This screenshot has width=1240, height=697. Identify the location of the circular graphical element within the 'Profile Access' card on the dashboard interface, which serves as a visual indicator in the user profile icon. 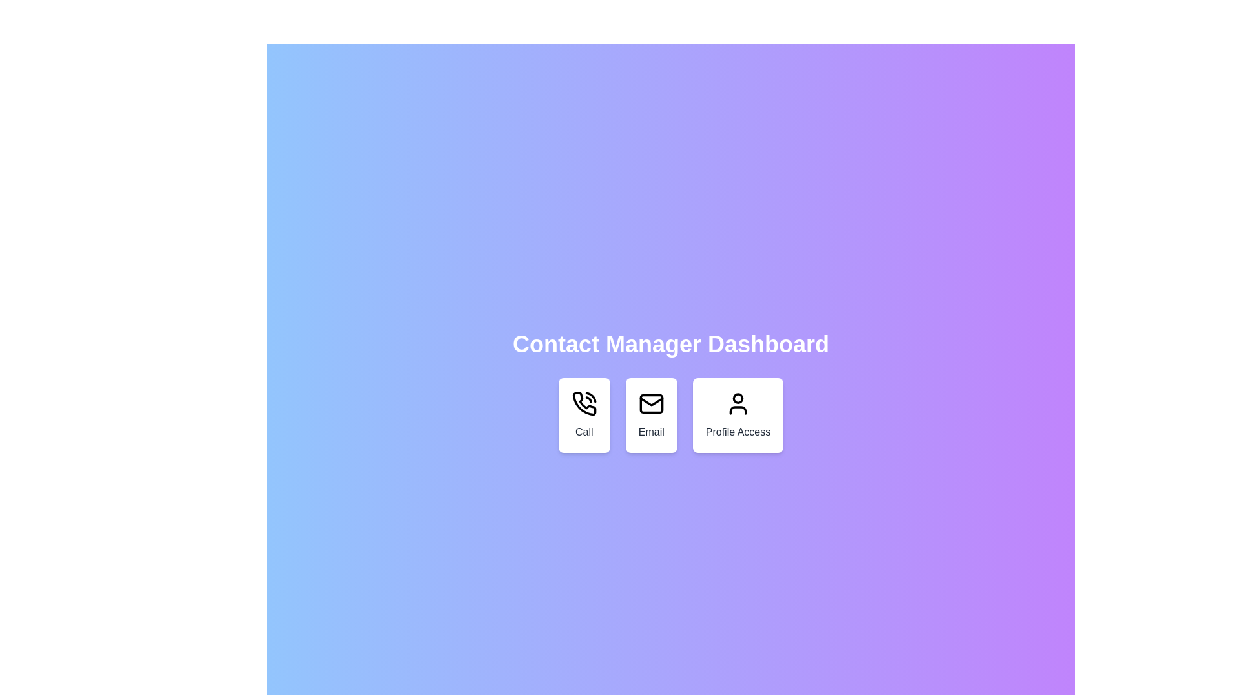
(738, 398).